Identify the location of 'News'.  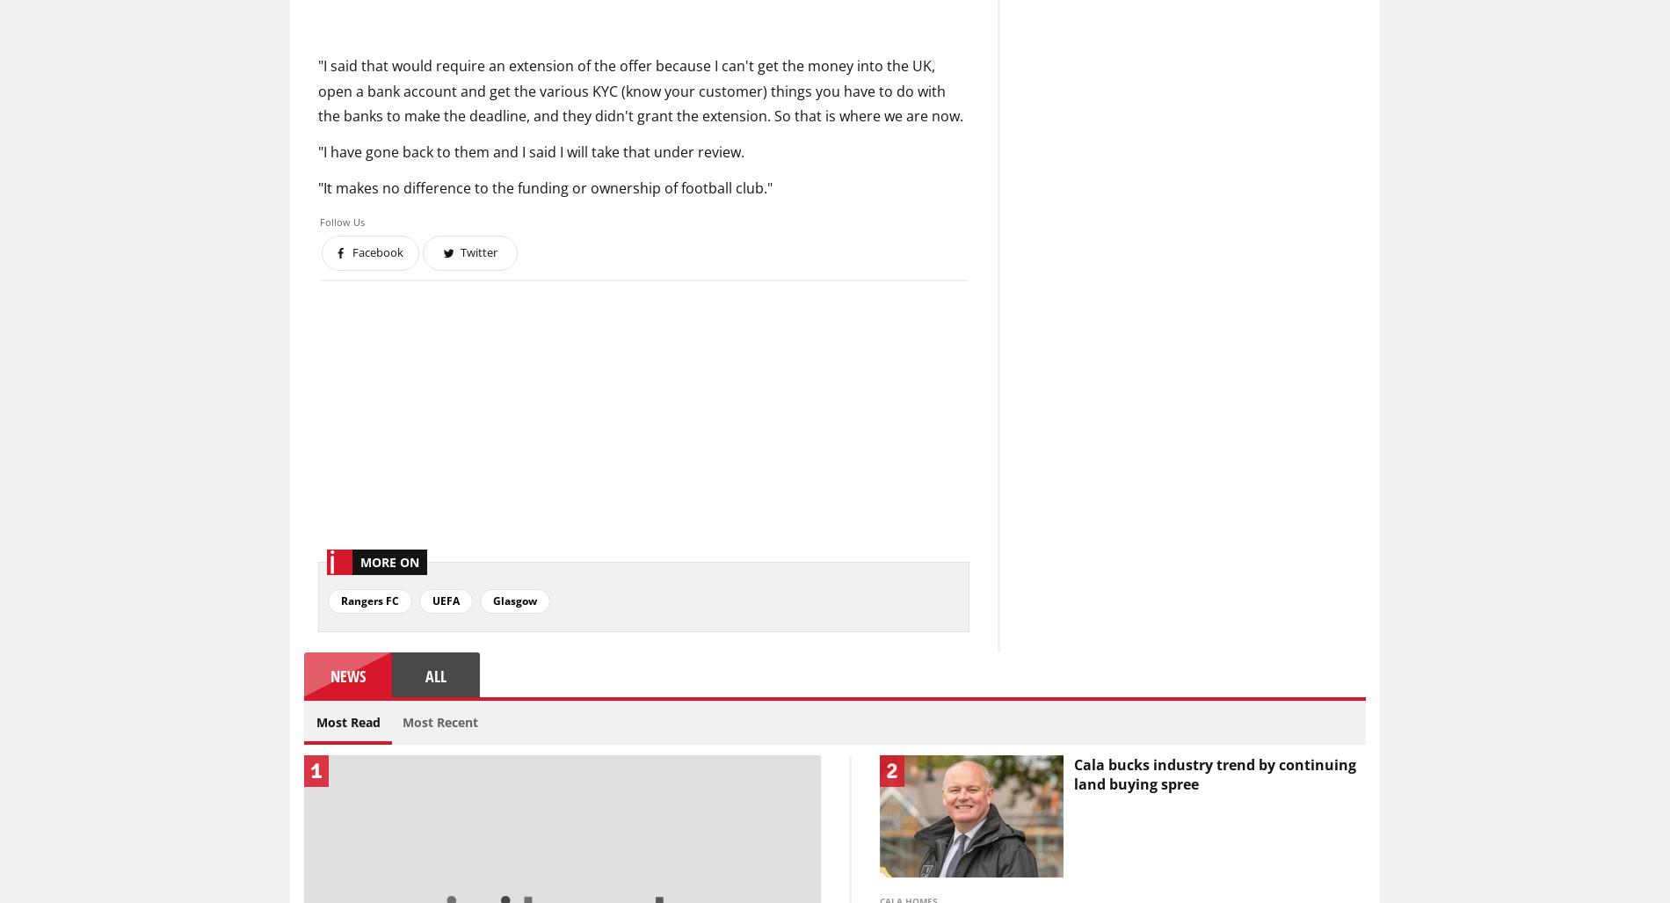
(346, 674).